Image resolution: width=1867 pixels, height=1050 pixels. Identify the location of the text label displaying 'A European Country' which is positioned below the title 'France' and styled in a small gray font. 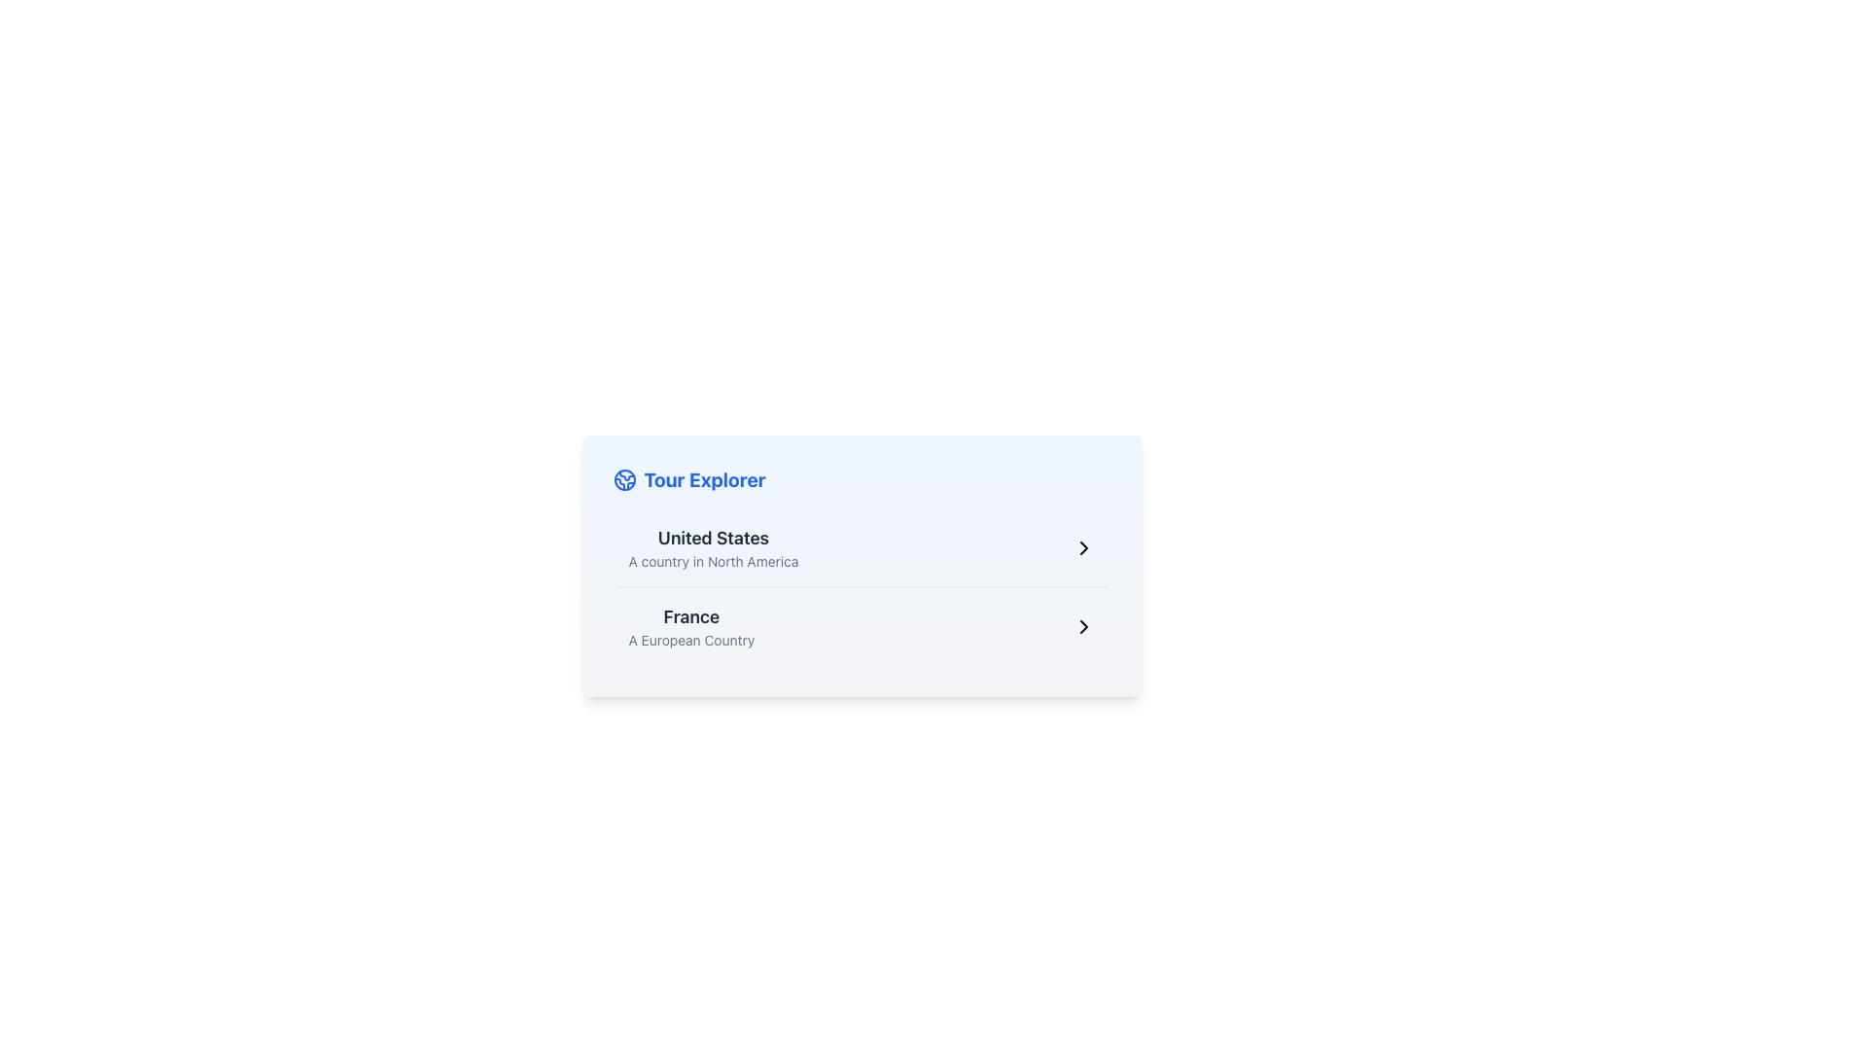
(691, 641).